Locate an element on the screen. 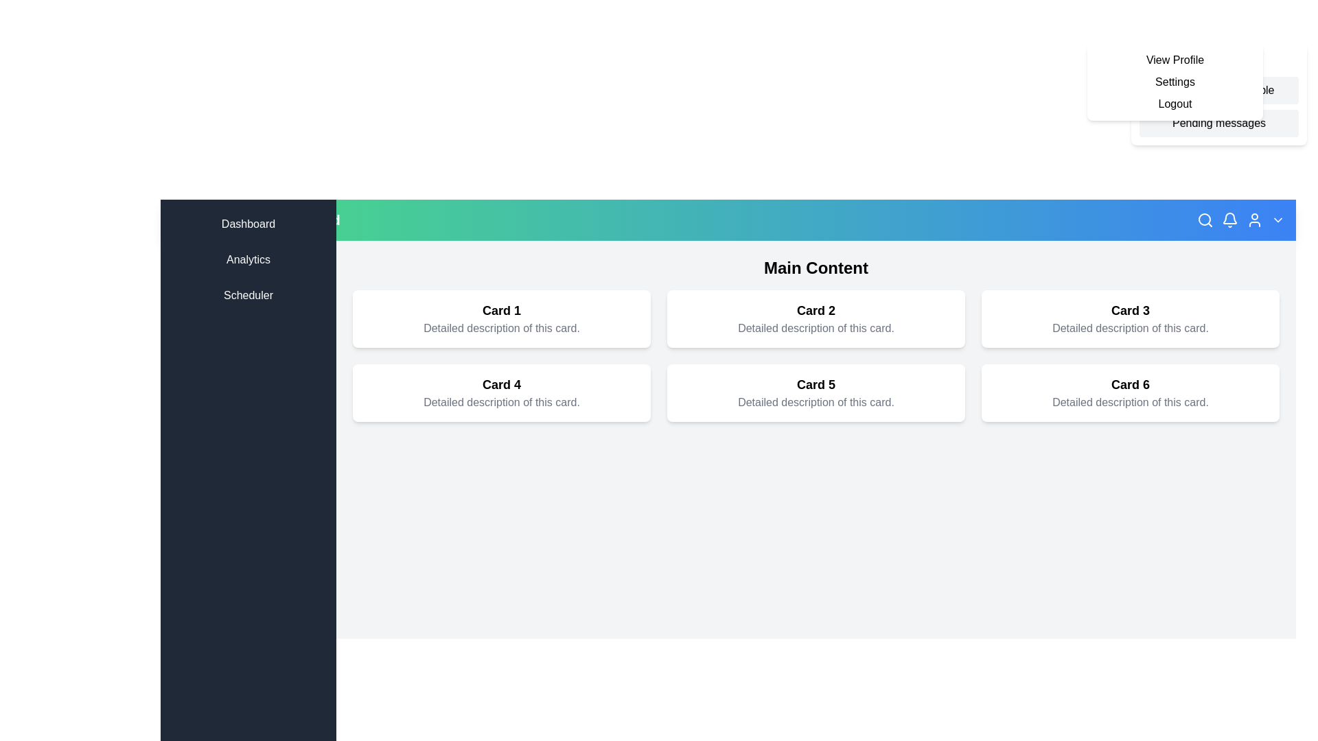 The height and width of the screenshot is (741, 1318). the informational card component titled 'Card 2' located in the first row, middle column of the grid layout is located at coordinates (816, 319).